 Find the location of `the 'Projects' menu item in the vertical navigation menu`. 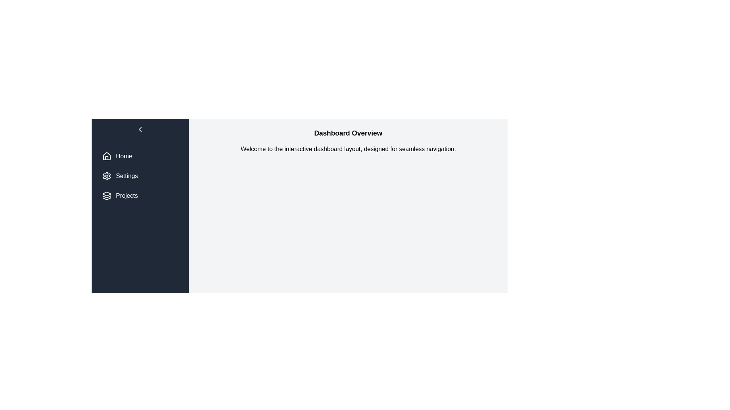

the 'Projects' menu item in the vertical navigation menu is located at coordinates (106, 196).